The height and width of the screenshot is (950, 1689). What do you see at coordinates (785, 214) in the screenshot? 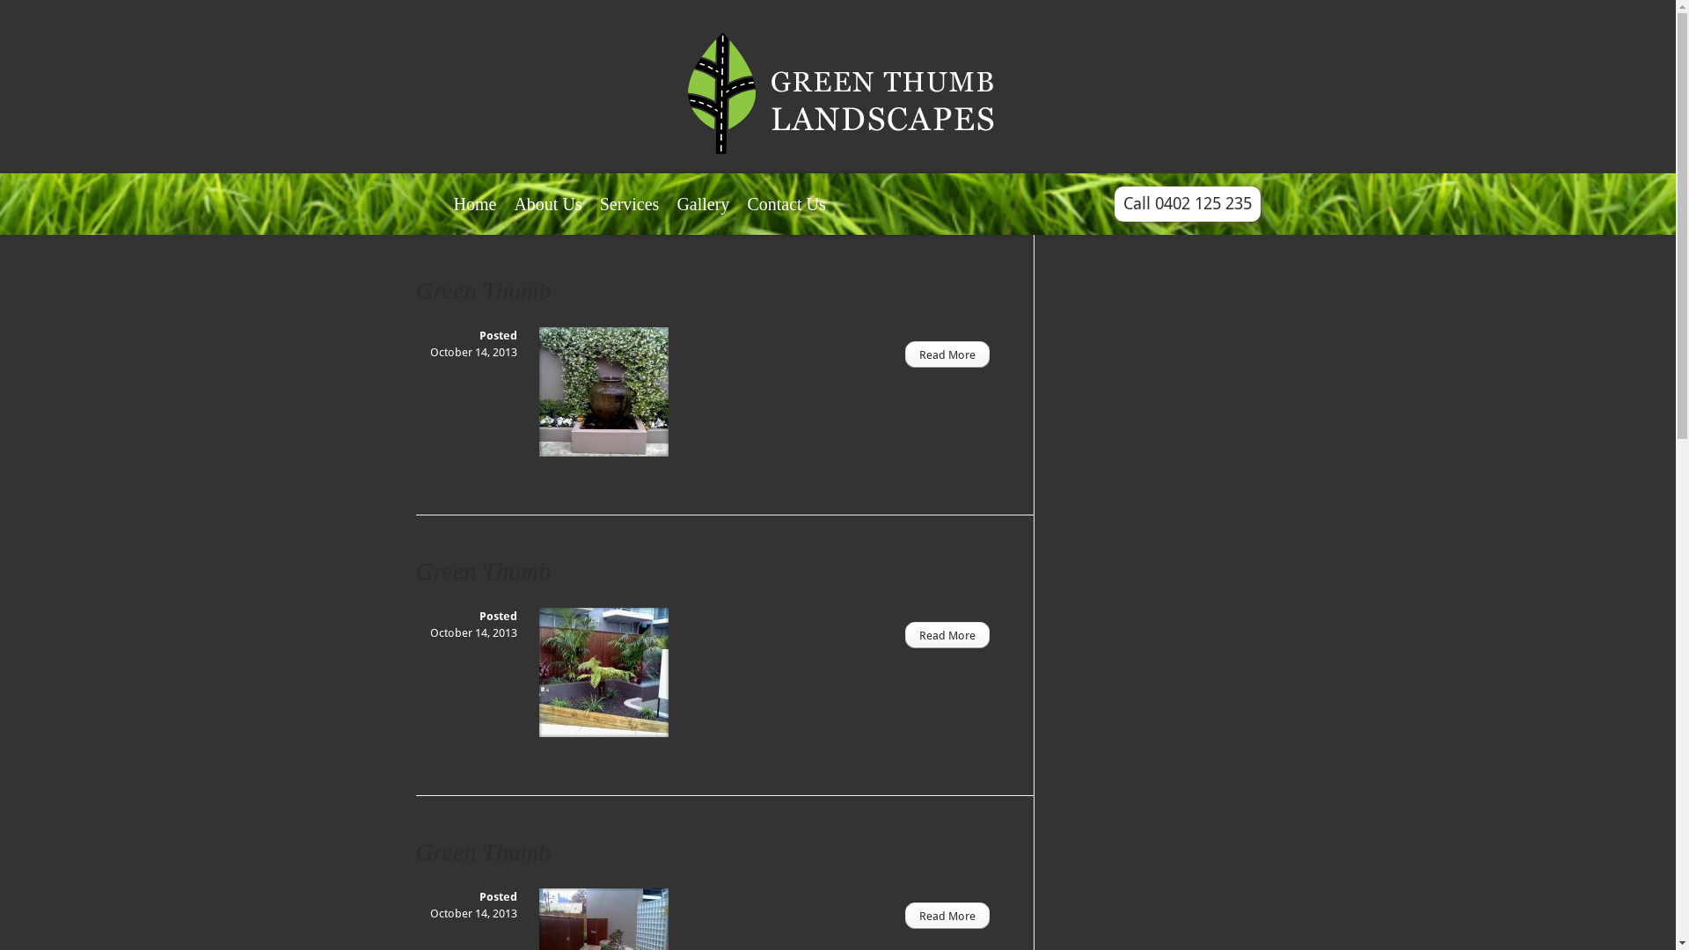
I see `'Contact Us'` at bounding box center [785, 214].